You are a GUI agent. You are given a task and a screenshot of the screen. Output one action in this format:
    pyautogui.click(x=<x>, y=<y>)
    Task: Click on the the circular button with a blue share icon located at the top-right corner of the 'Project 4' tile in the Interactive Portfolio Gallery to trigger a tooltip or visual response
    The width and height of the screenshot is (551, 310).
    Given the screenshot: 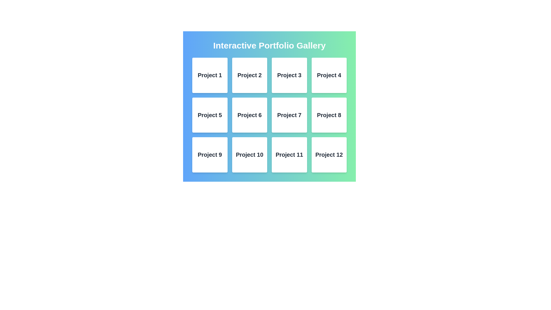 What is the action you would take?
    pyautogui.click(x=336, y=75)
    